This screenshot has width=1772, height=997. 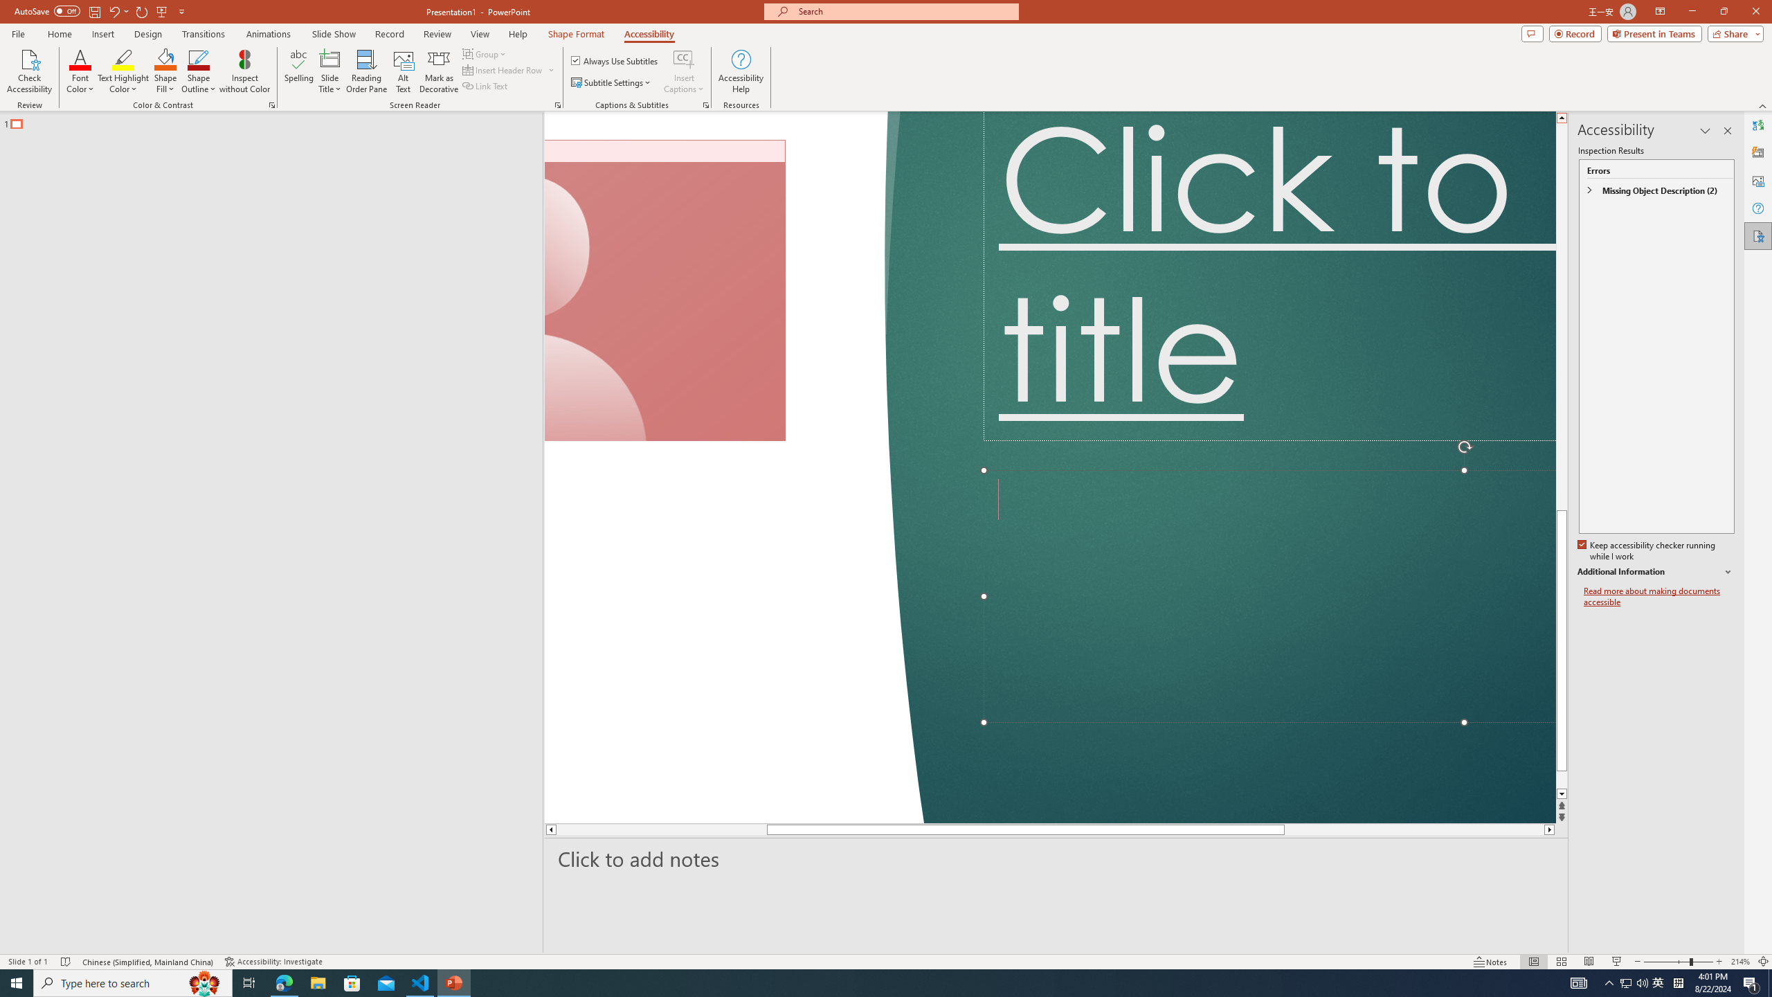 I want to click on 'Insert Header Row', so click(x=503, y=69).